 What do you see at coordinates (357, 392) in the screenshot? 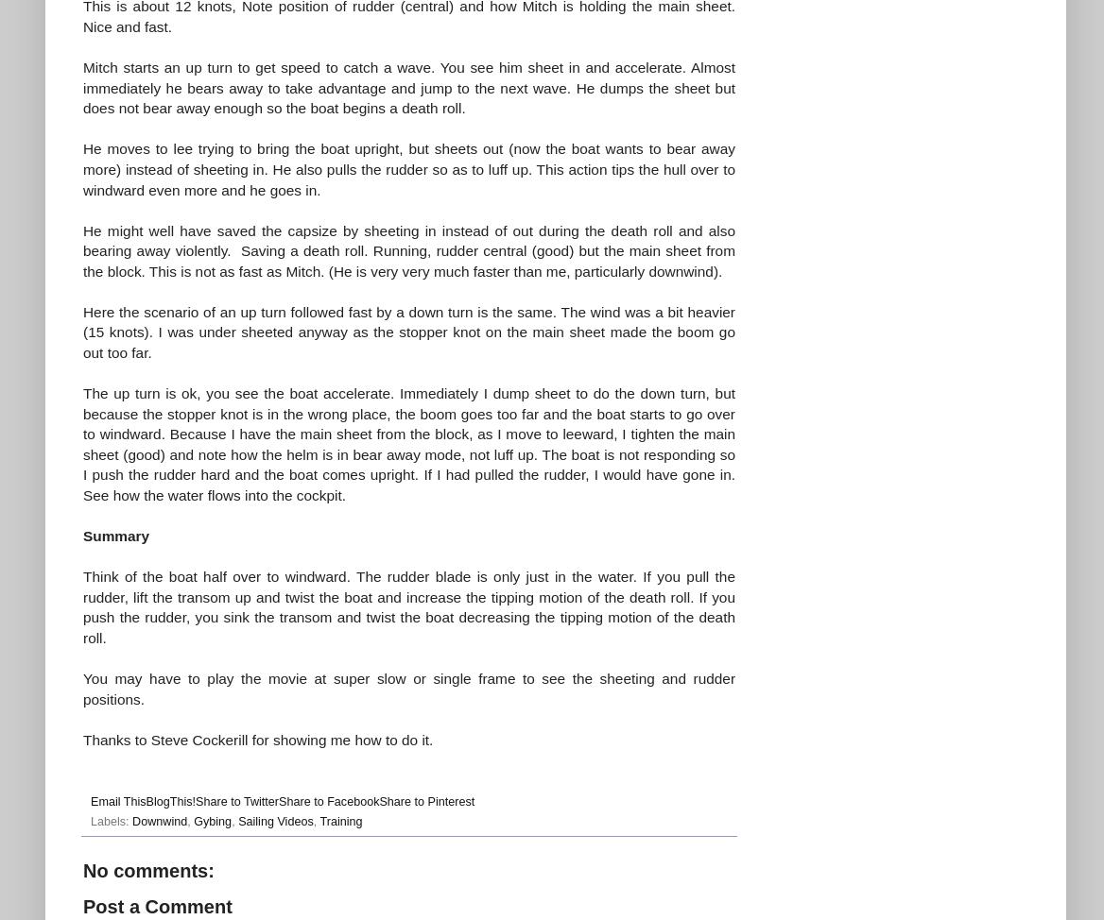
I see `'The up turn is ok, you see the boat accelerate.
Immediately I dump sheet to do the'` at bounding box center [357, 392].